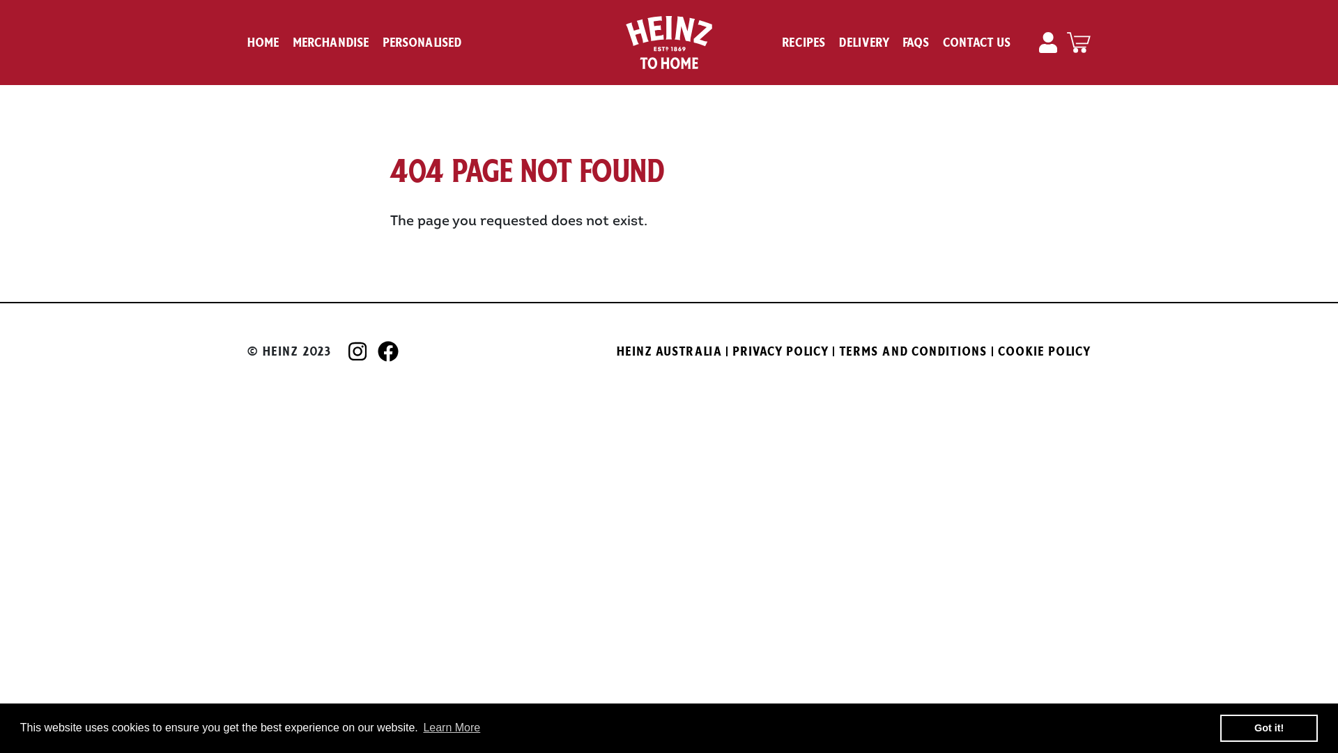 This screenshot has height=753, width=1338. What do you see at coordinates (263, 42) in the screenshot?
I see `'Home'` at bounding box center [263, 42].